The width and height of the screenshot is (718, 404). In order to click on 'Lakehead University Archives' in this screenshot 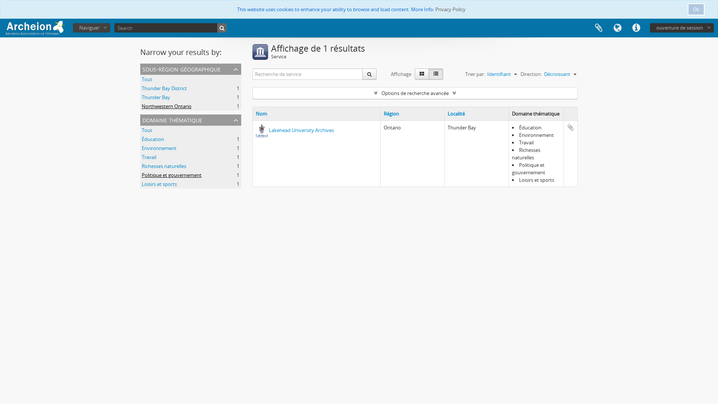, I will do `click(269, 129)`.